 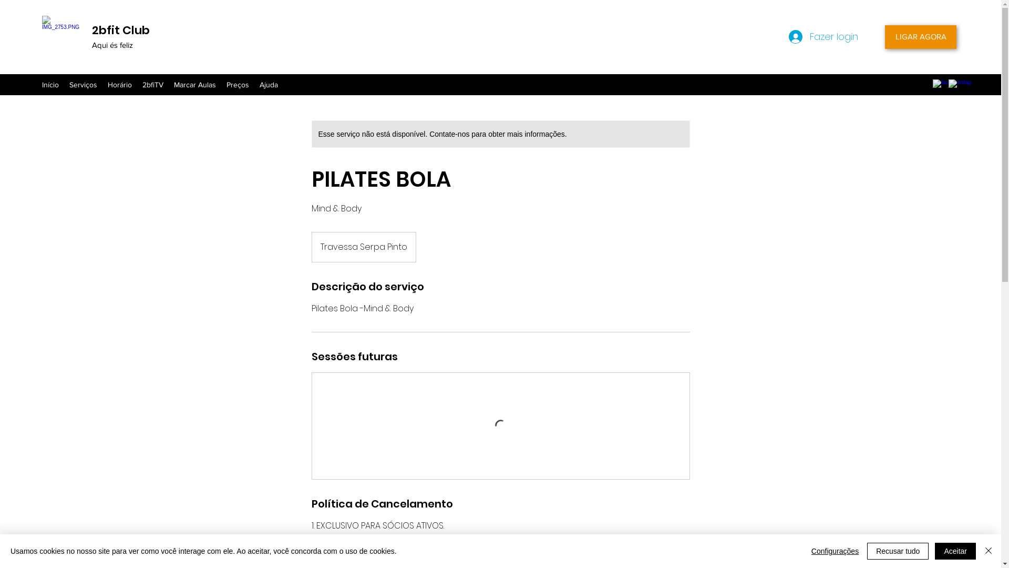 I want to click on '2bfit Club', so click(x=121, y=29).